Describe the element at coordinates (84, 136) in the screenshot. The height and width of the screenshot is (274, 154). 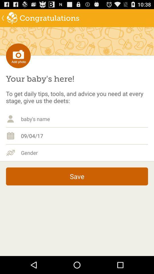
I see `09/04/17 app` at that location.